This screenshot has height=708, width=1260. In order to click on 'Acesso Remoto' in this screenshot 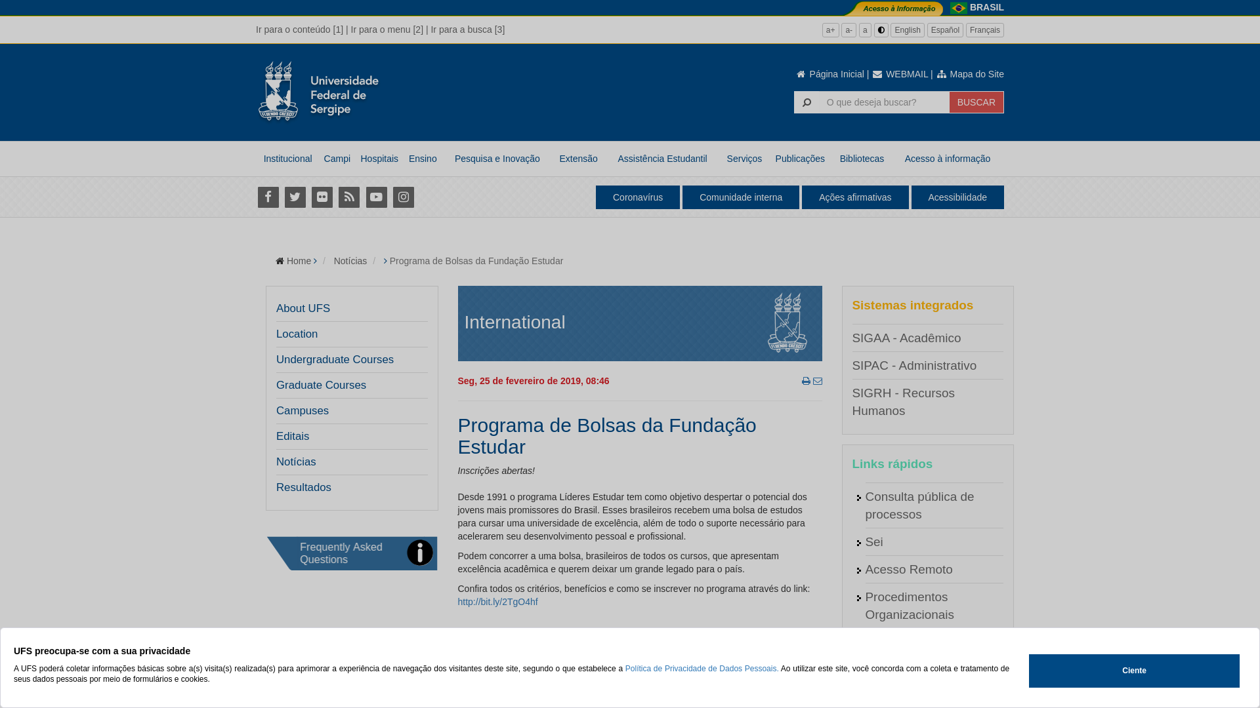, I will do `click(908, 568)`.